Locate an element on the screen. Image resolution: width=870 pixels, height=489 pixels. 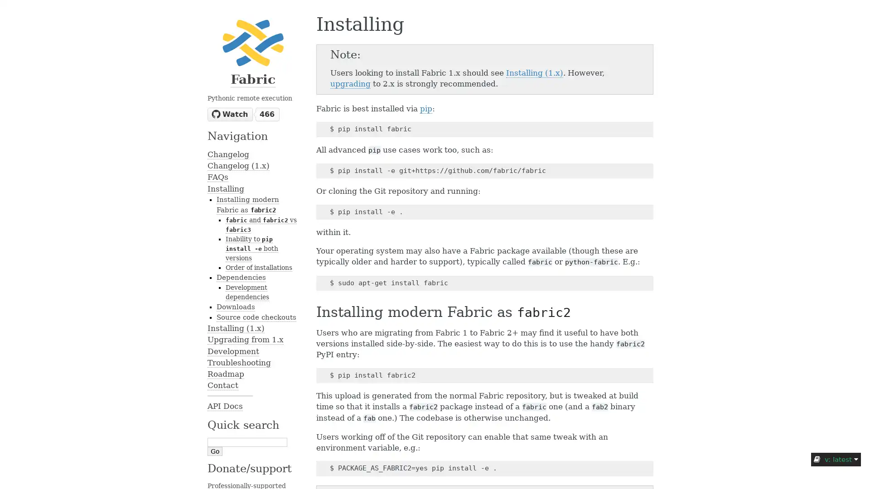
Go is located at coordinates (214, 451).